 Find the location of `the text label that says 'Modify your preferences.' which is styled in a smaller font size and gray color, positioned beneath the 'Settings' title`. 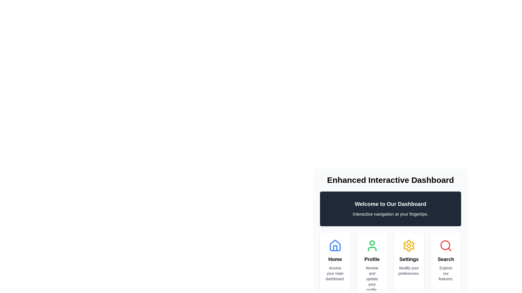

the text label that says 'Modify your preferences.' which is styled in a smaller font size and gray color, positioned beneath the 'Settings' title is located at coordinates (409, 271).